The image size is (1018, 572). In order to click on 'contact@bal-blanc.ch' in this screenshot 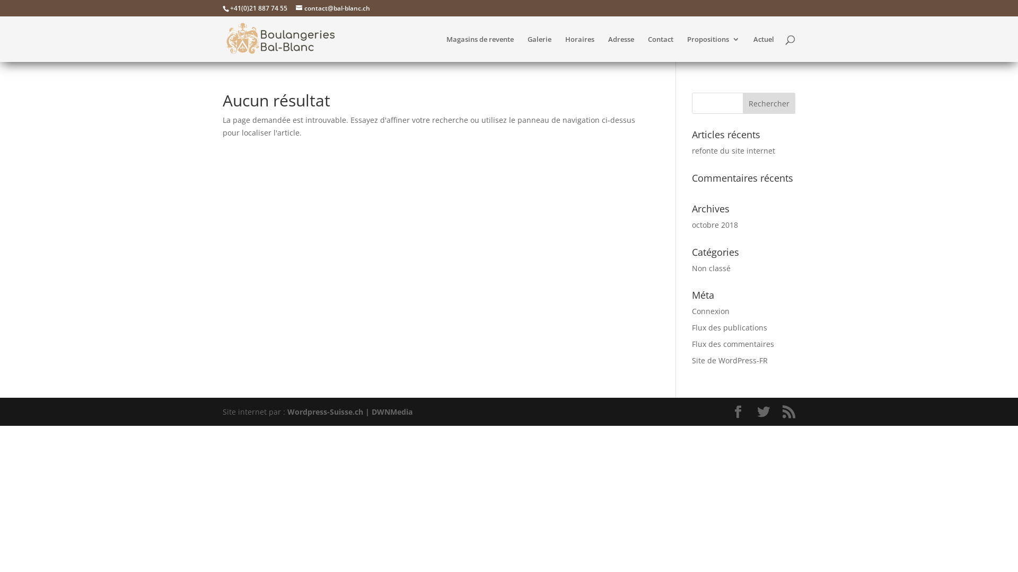, I will do `click(332, 8)`.